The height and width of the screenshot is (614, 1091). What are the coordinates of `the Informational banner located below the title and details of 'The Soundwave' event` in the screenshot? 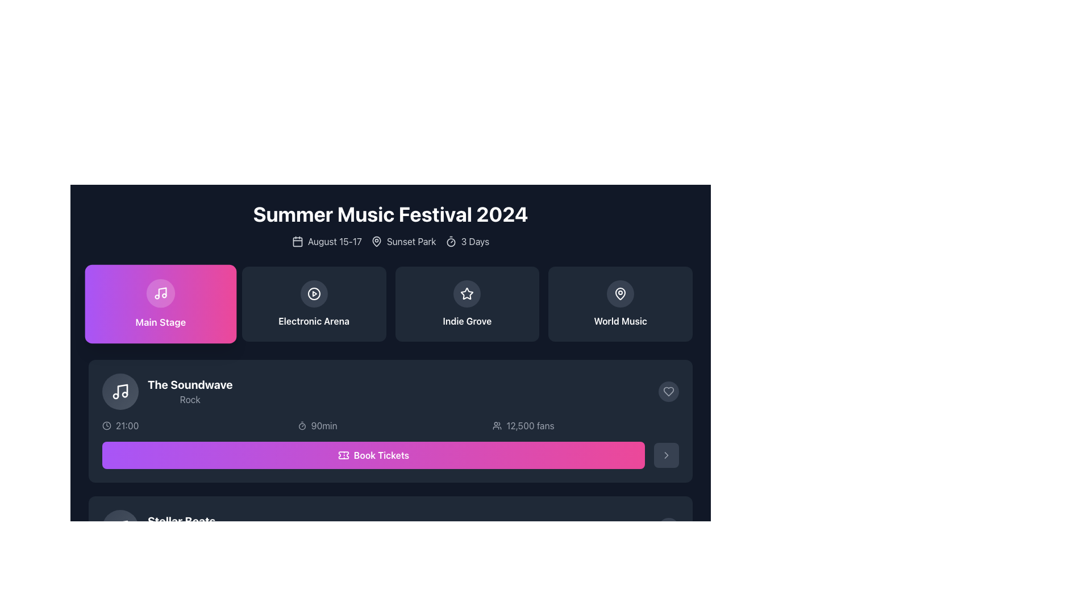 It's located at (390, 425).